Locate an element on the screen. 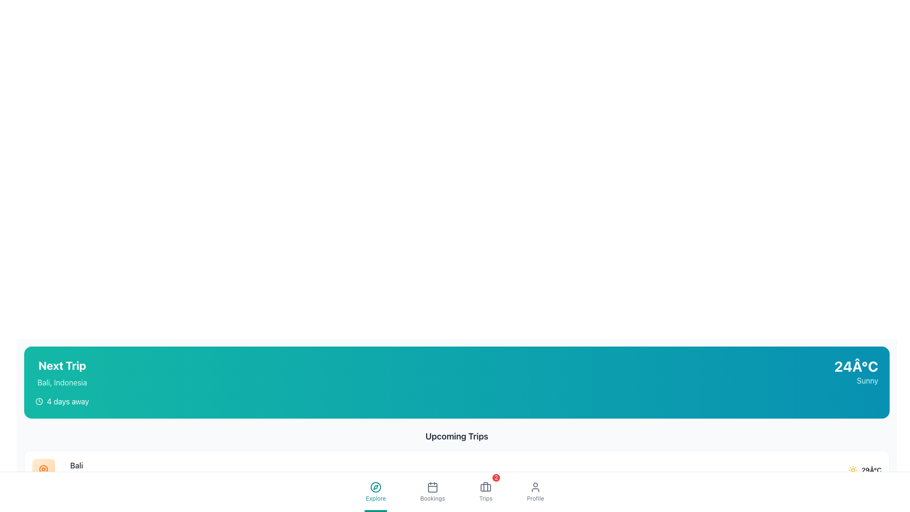  the SVG circle element located in the lower section of the 'Next Trip' card, which is adjacent to the countdown text '4 days away' is located at coordinates (38, 402).